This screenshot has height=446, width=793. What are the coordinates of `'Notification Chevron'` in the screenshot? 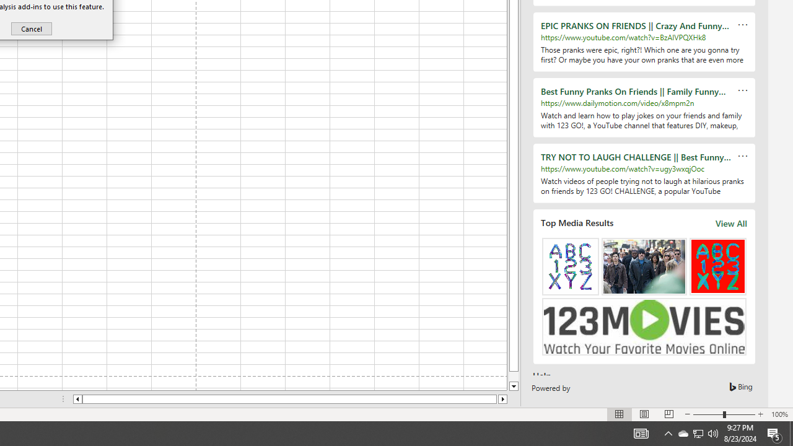 It's located at (668, 432).